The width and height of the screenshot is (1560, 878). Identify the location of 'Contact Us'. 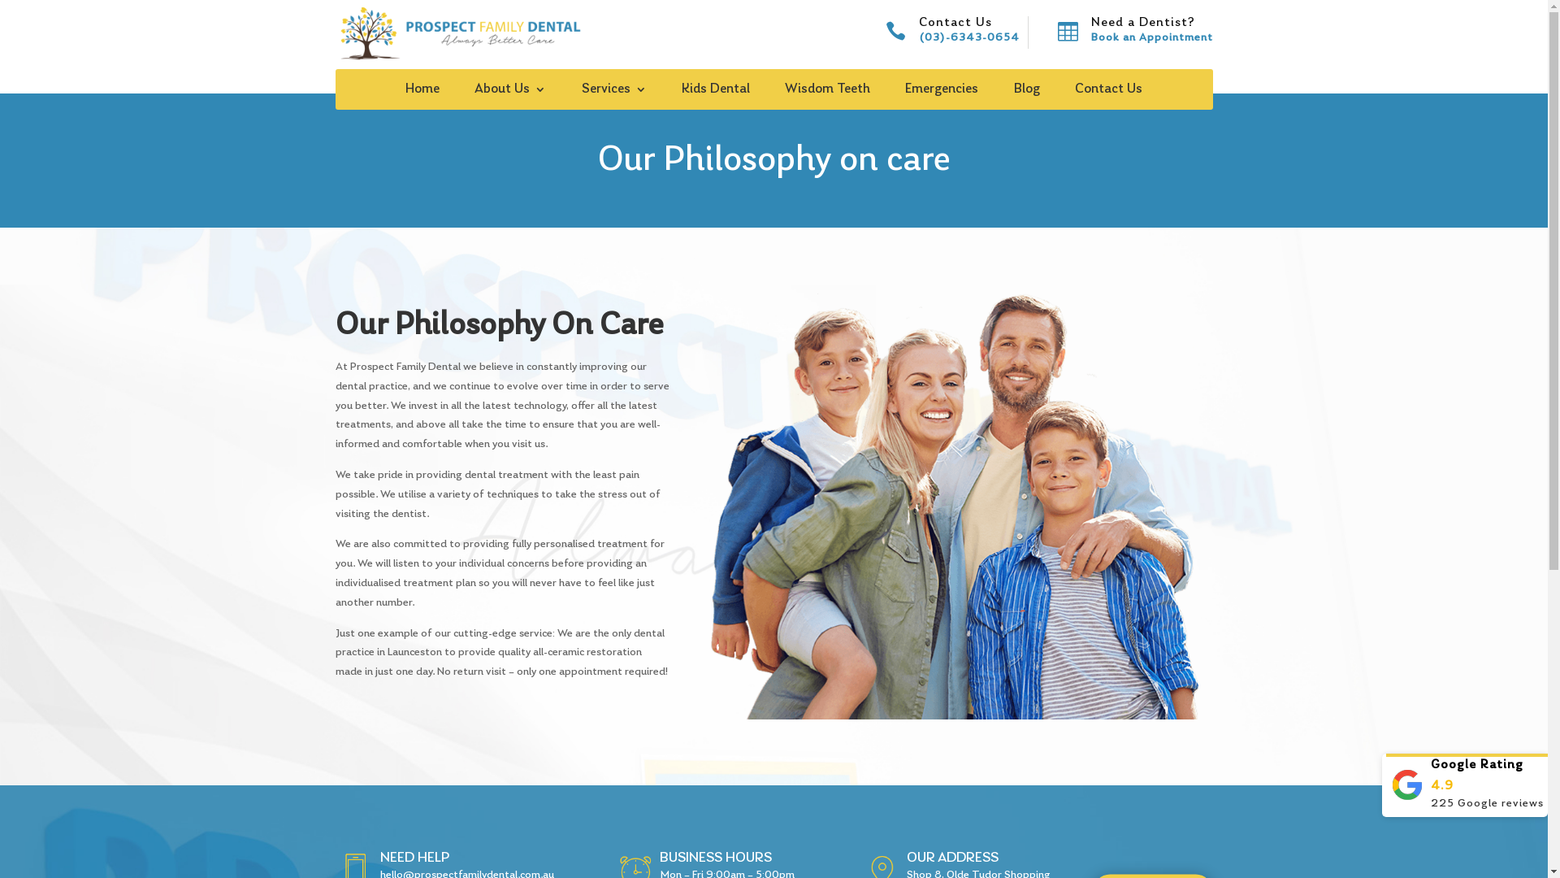
(1107, 93).